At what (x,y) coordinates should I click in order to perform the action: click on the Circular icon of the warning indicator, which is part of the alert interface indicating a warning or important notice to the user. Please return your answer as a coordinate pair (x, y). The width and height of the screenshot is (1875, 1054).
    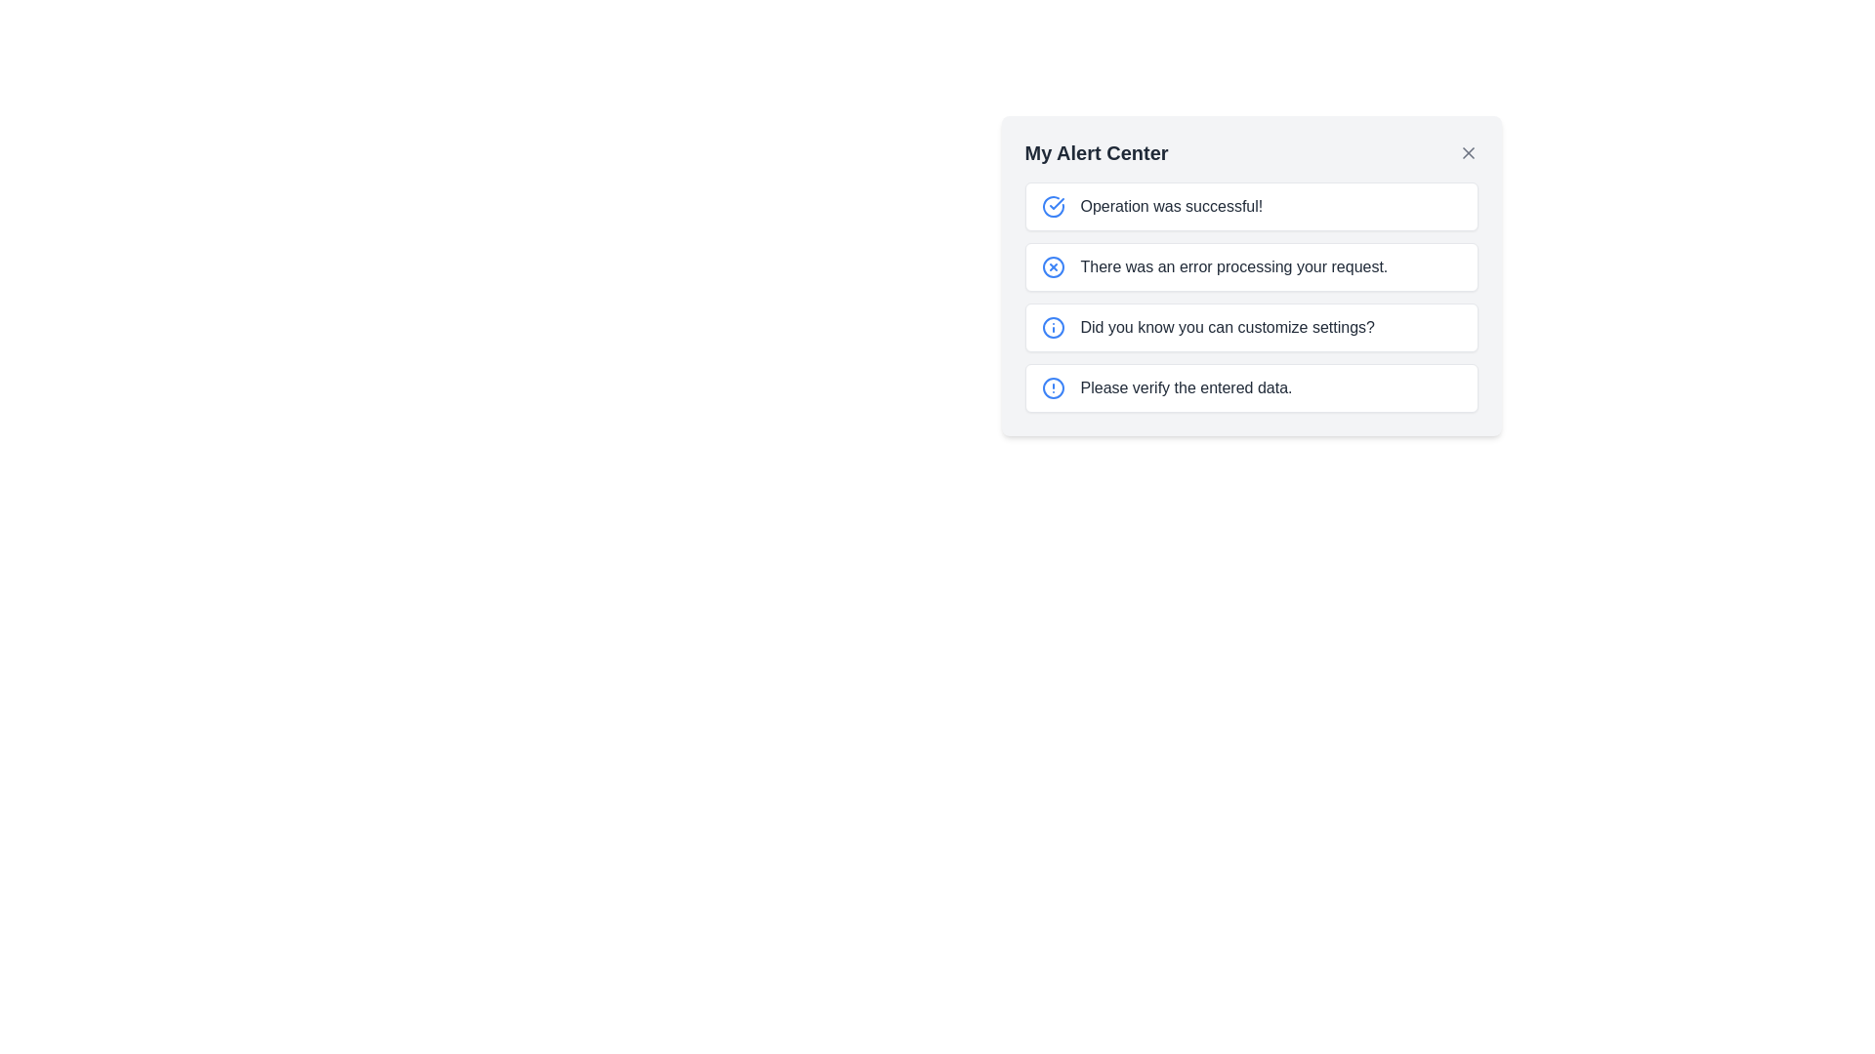
    Looking at the image, I should click on (1052, 387).